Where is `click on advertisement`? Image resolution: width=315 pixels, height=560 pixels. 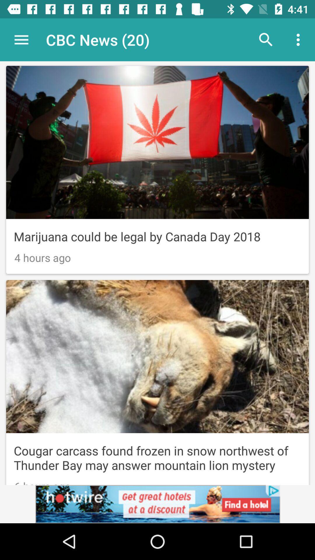
click on advertisement is located at coordinates (157, 504).